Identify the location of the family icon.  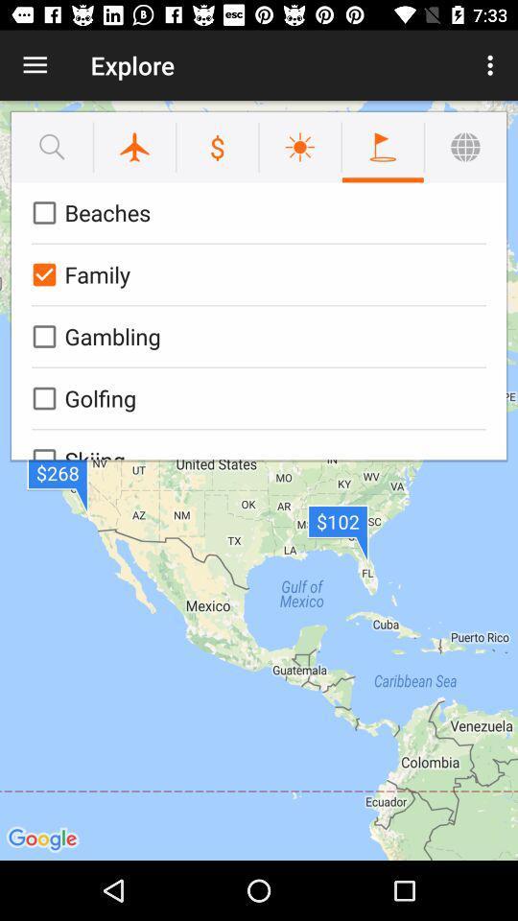
(255, 273).